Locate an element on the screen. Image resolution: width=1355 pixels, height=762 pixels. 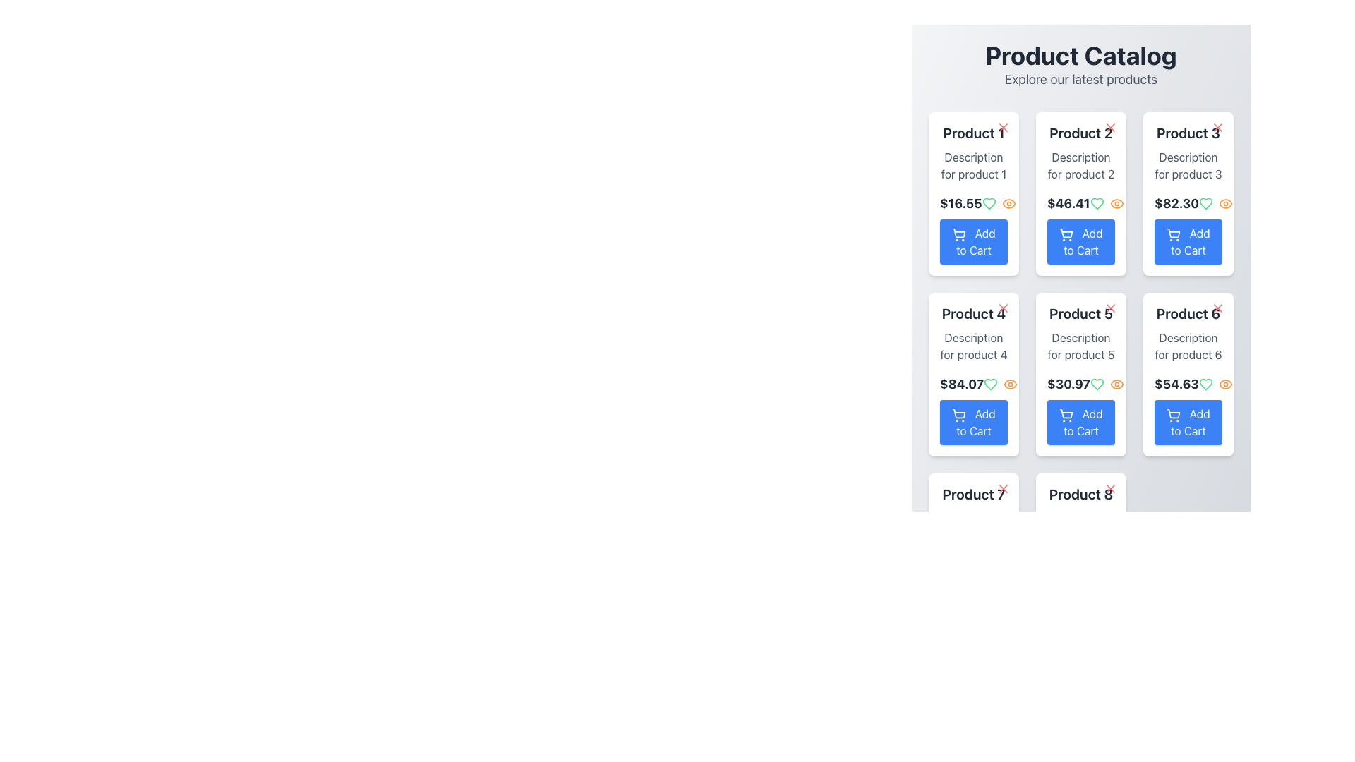
the 'Product 4' label at the top of the product card, which displays the product name in a bold, large font is located at coordinates (973, 313).